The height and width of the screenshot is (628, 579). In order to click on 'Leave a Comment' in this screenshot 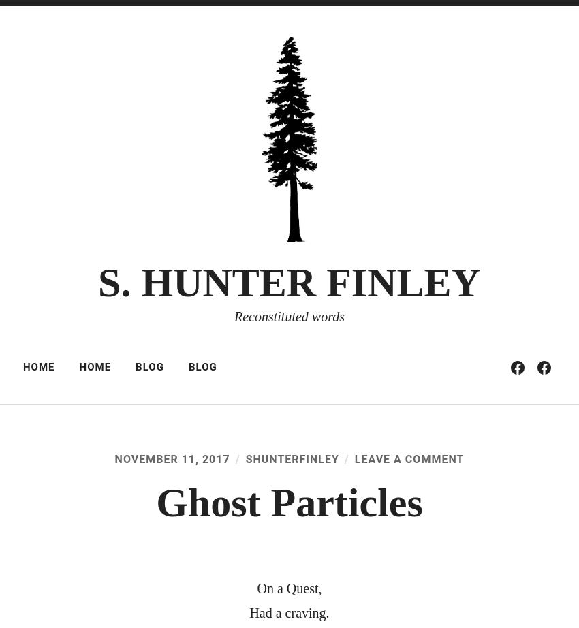, I will do `click(408, 459)`.